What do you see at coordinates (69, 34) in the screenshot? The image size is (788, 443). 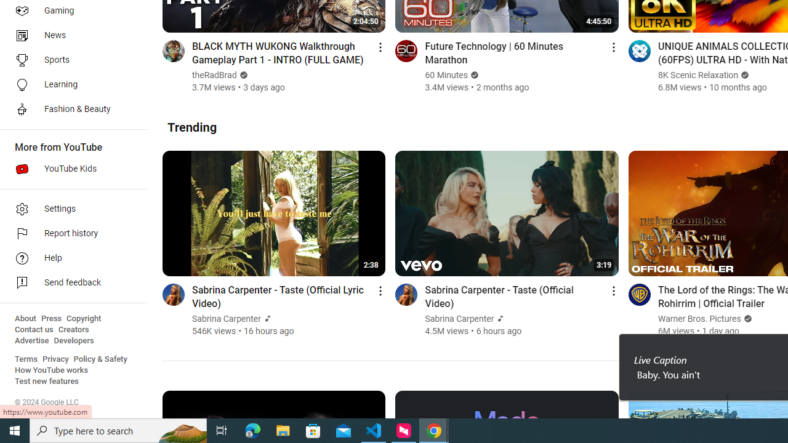 I see `'News'` at bounding box center [69, 34].